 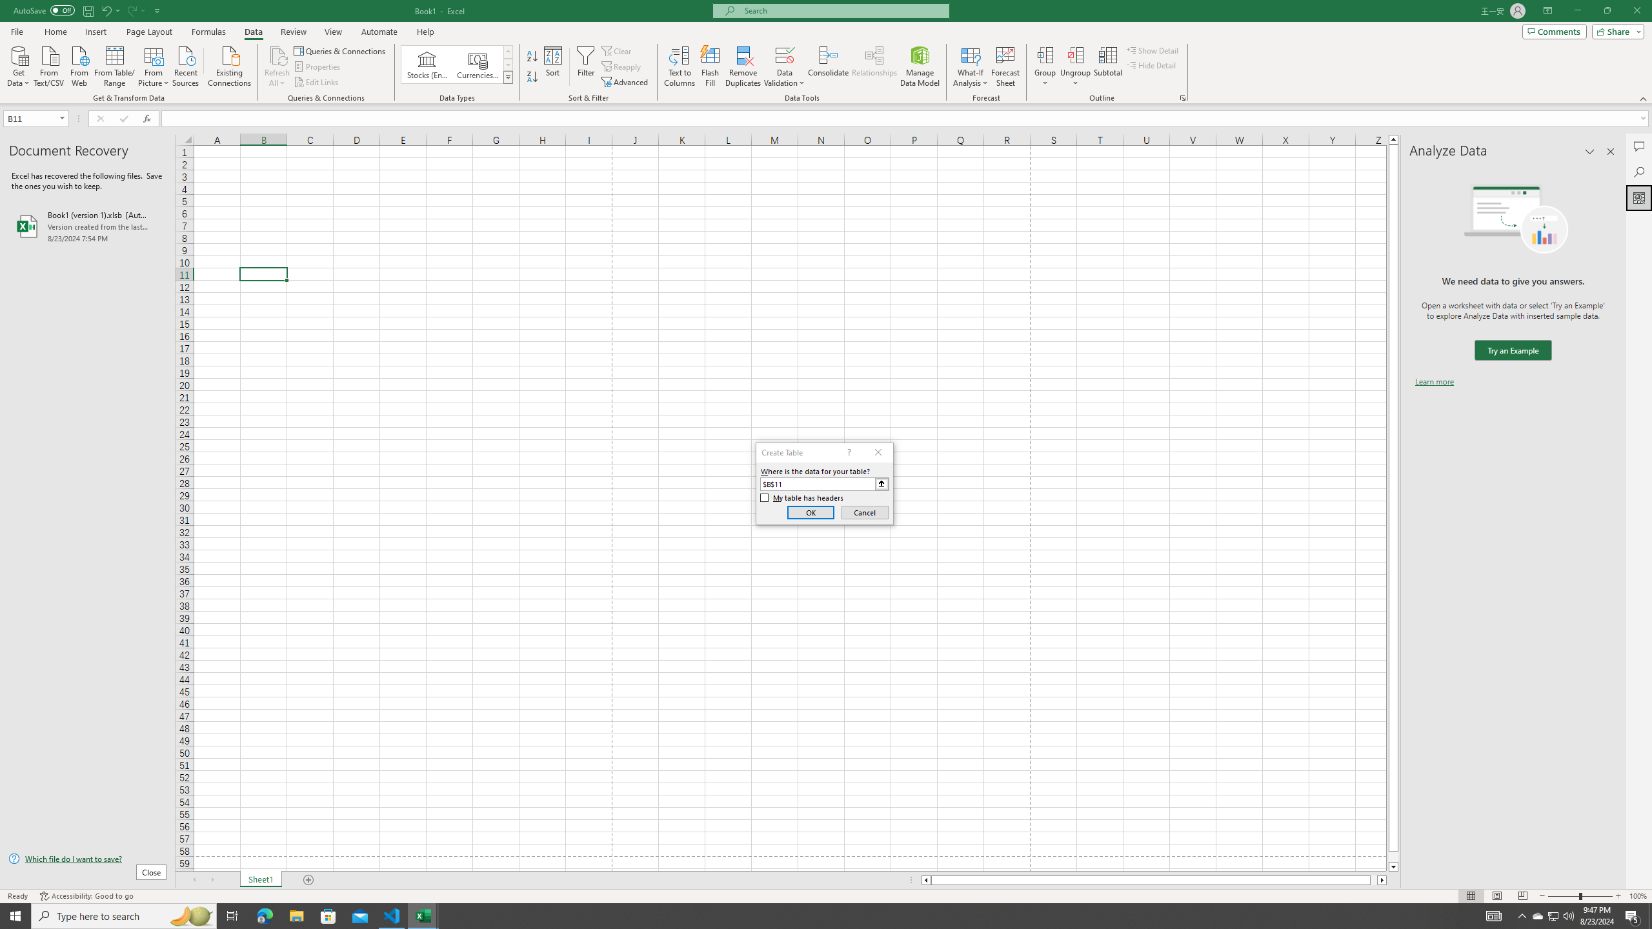 I want to click on 'From Picture', so click(x=154, y=65).